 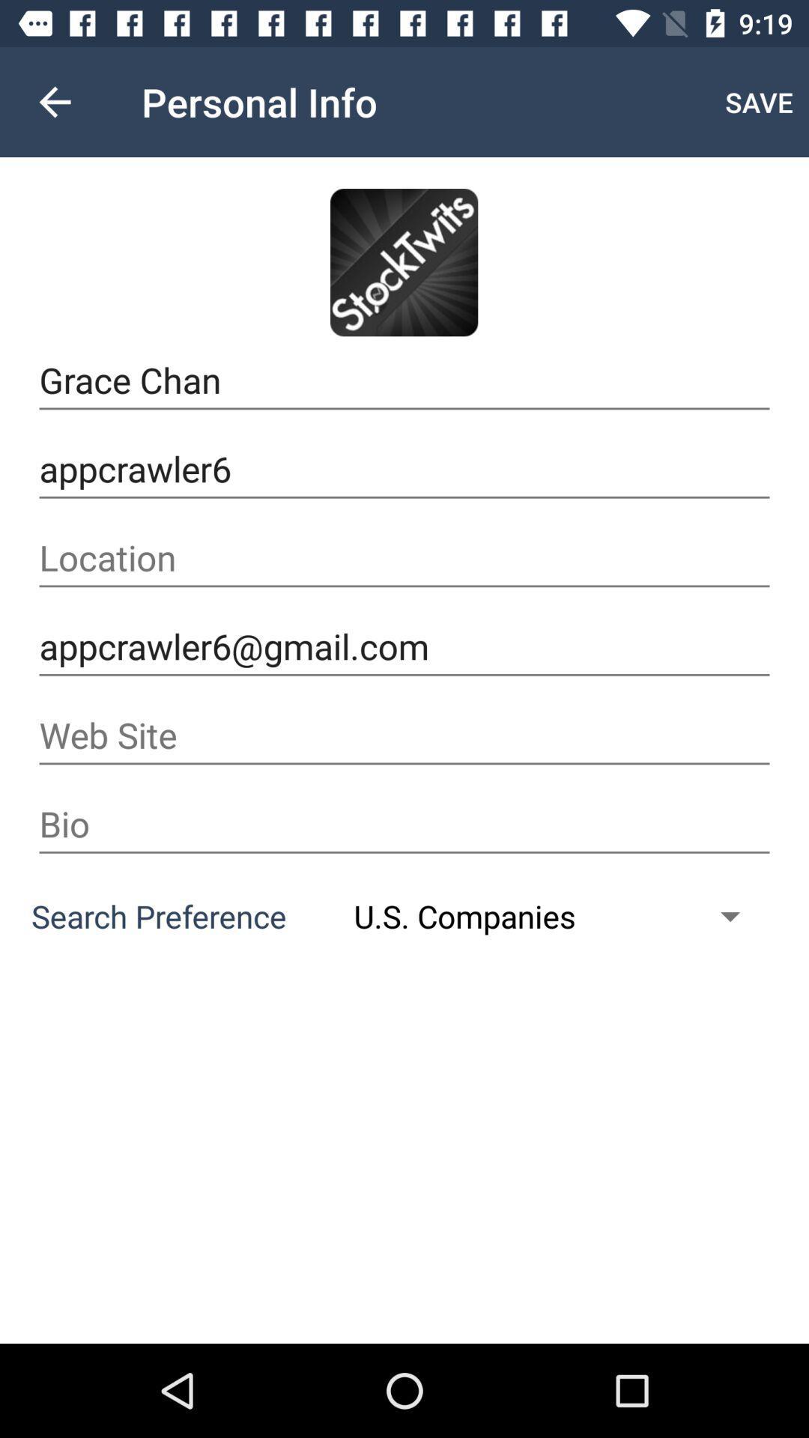 What do you see at coordinates (403, 262) in the screenshot?
I see `item below personal info` at bounding box center [403, 262].